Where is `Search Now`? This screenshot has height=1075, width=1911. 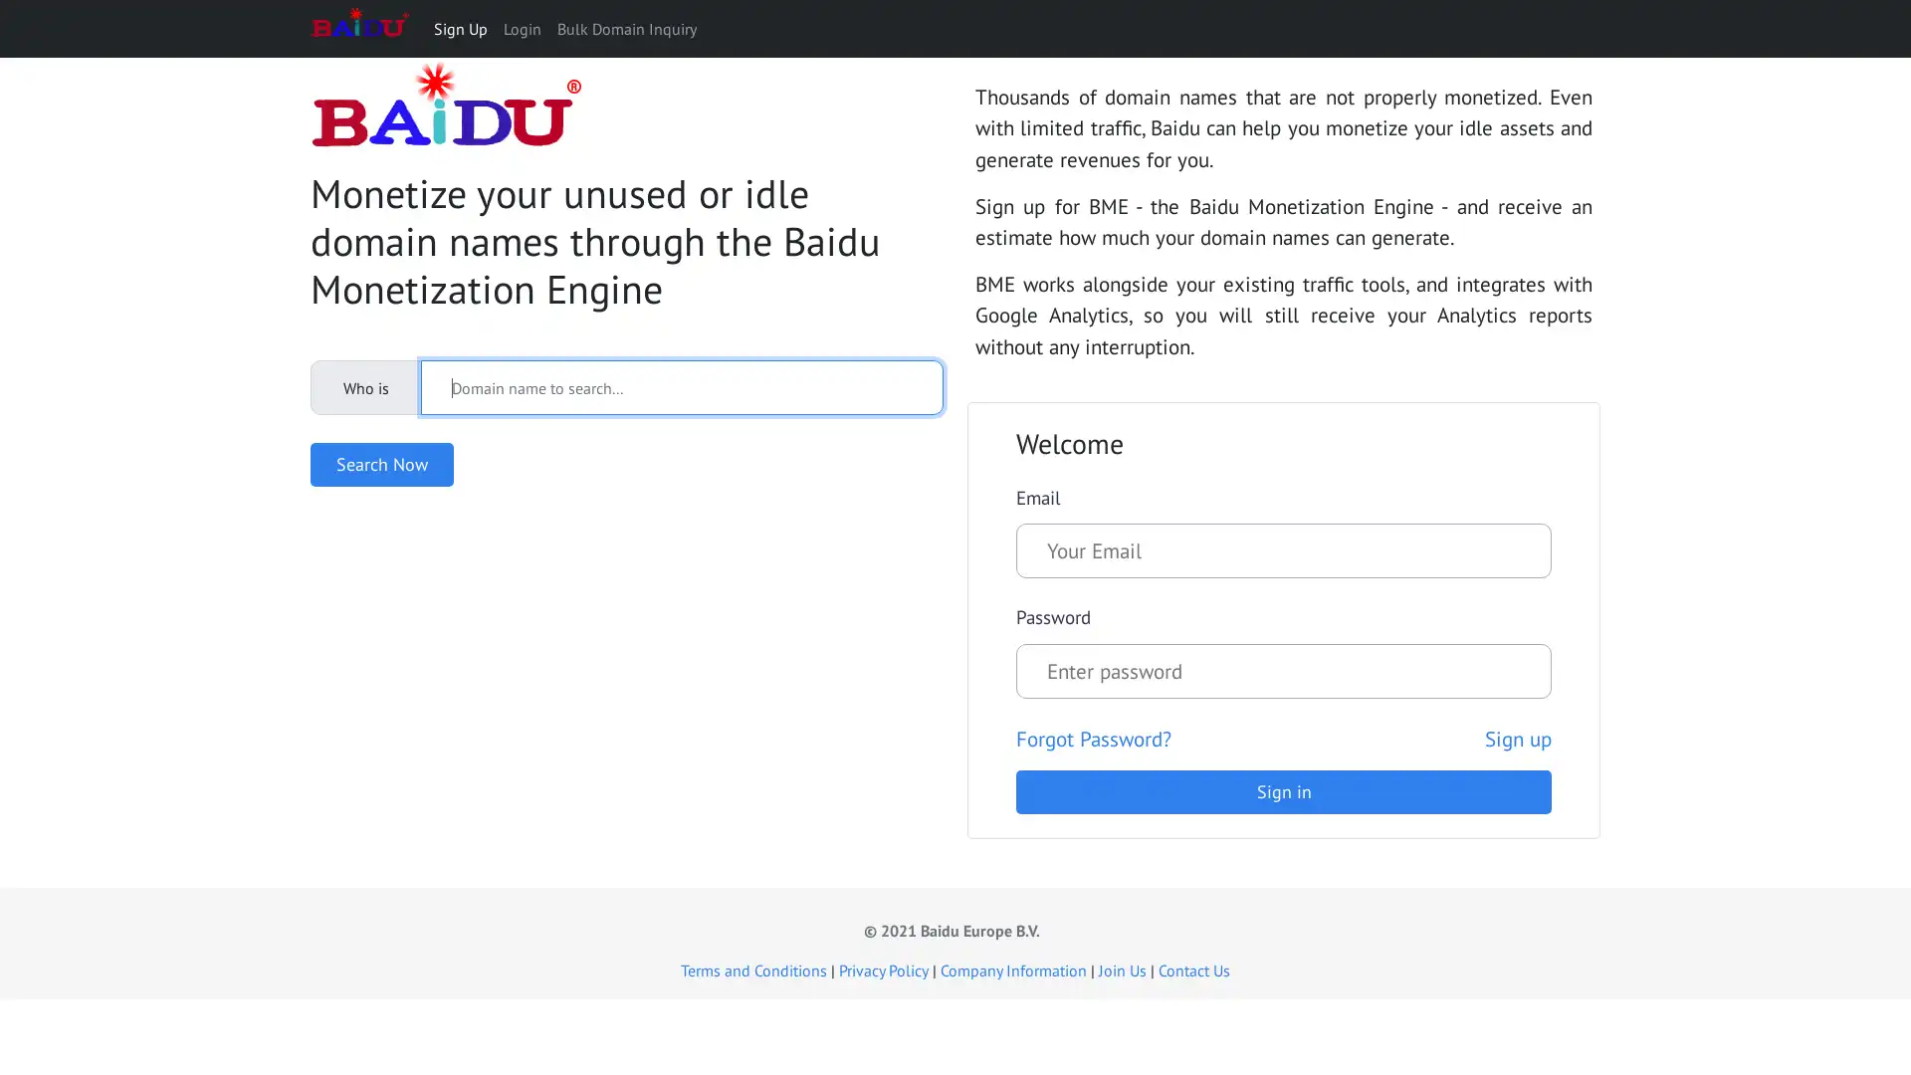
Search Now is located at coordinates (382, 464).